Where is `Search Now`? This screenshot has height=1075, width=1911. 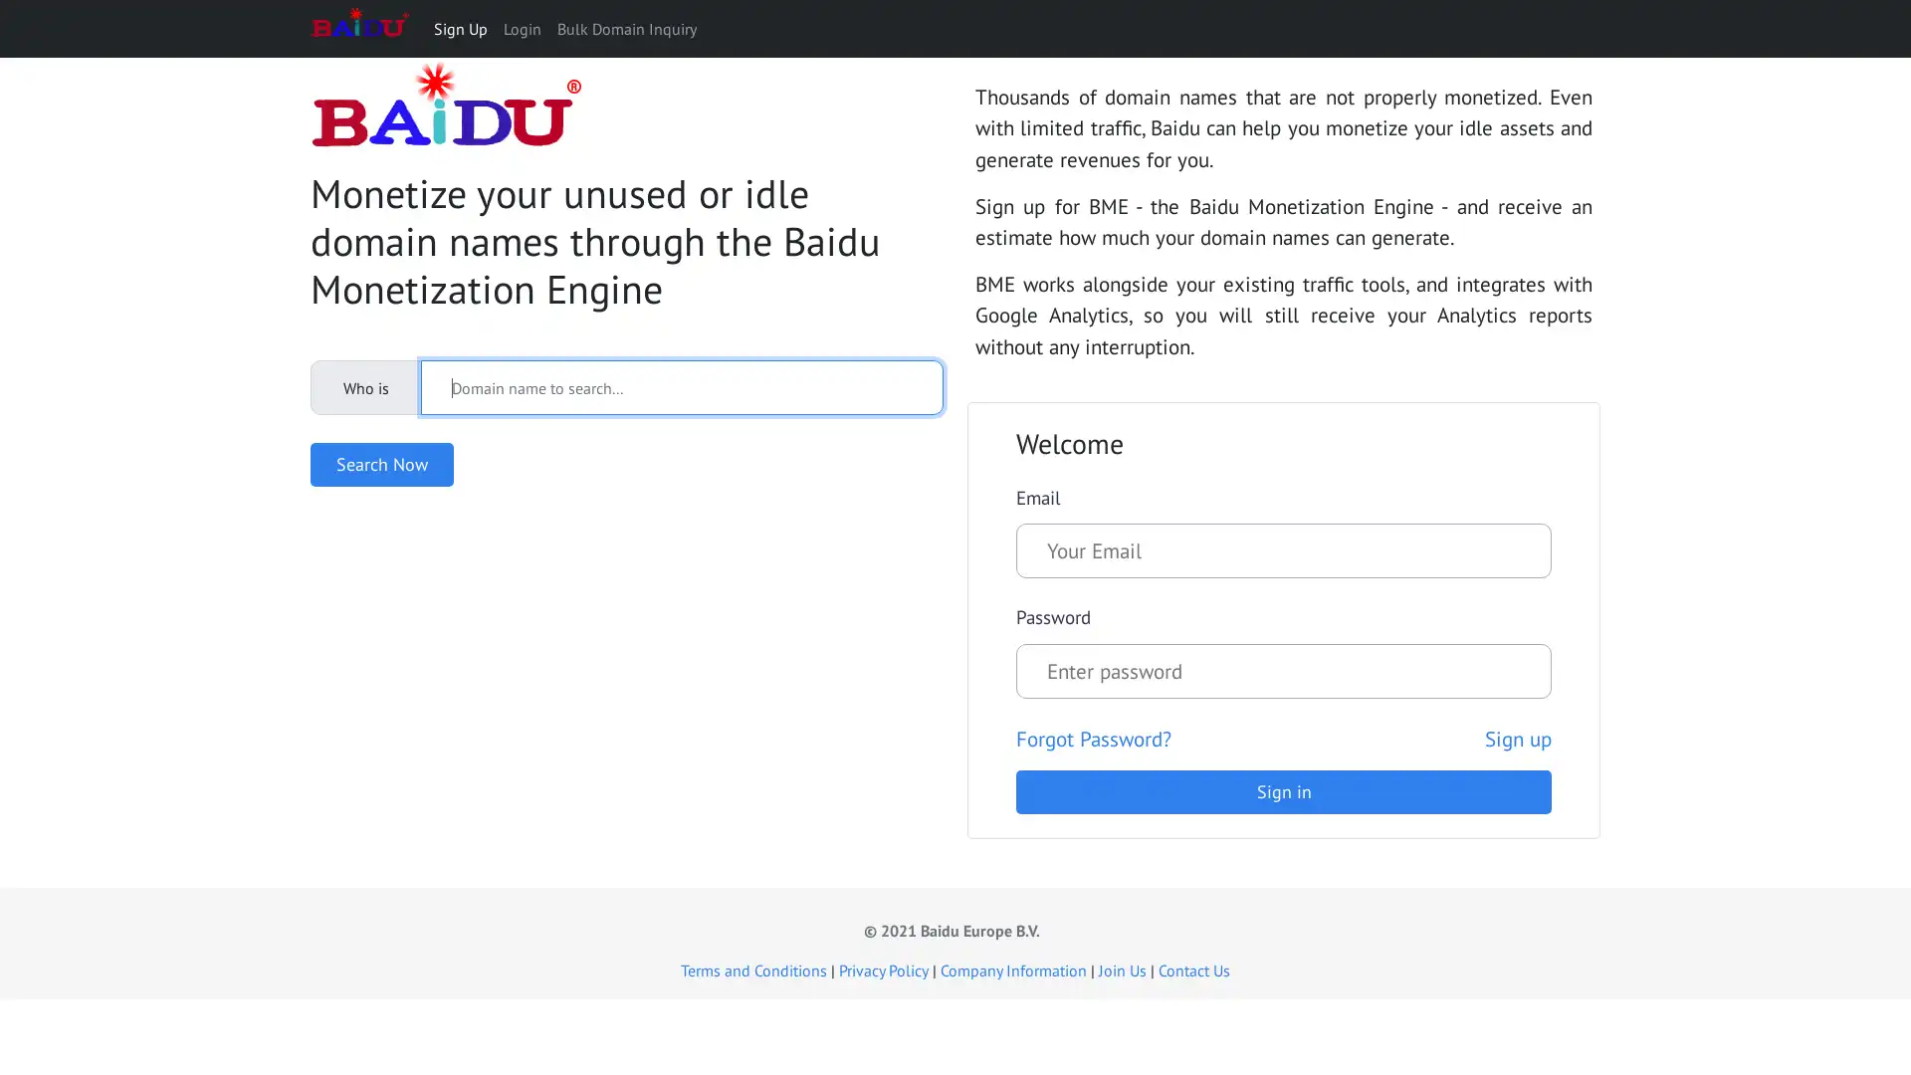
Search Now is located at coordinates (382, 464).